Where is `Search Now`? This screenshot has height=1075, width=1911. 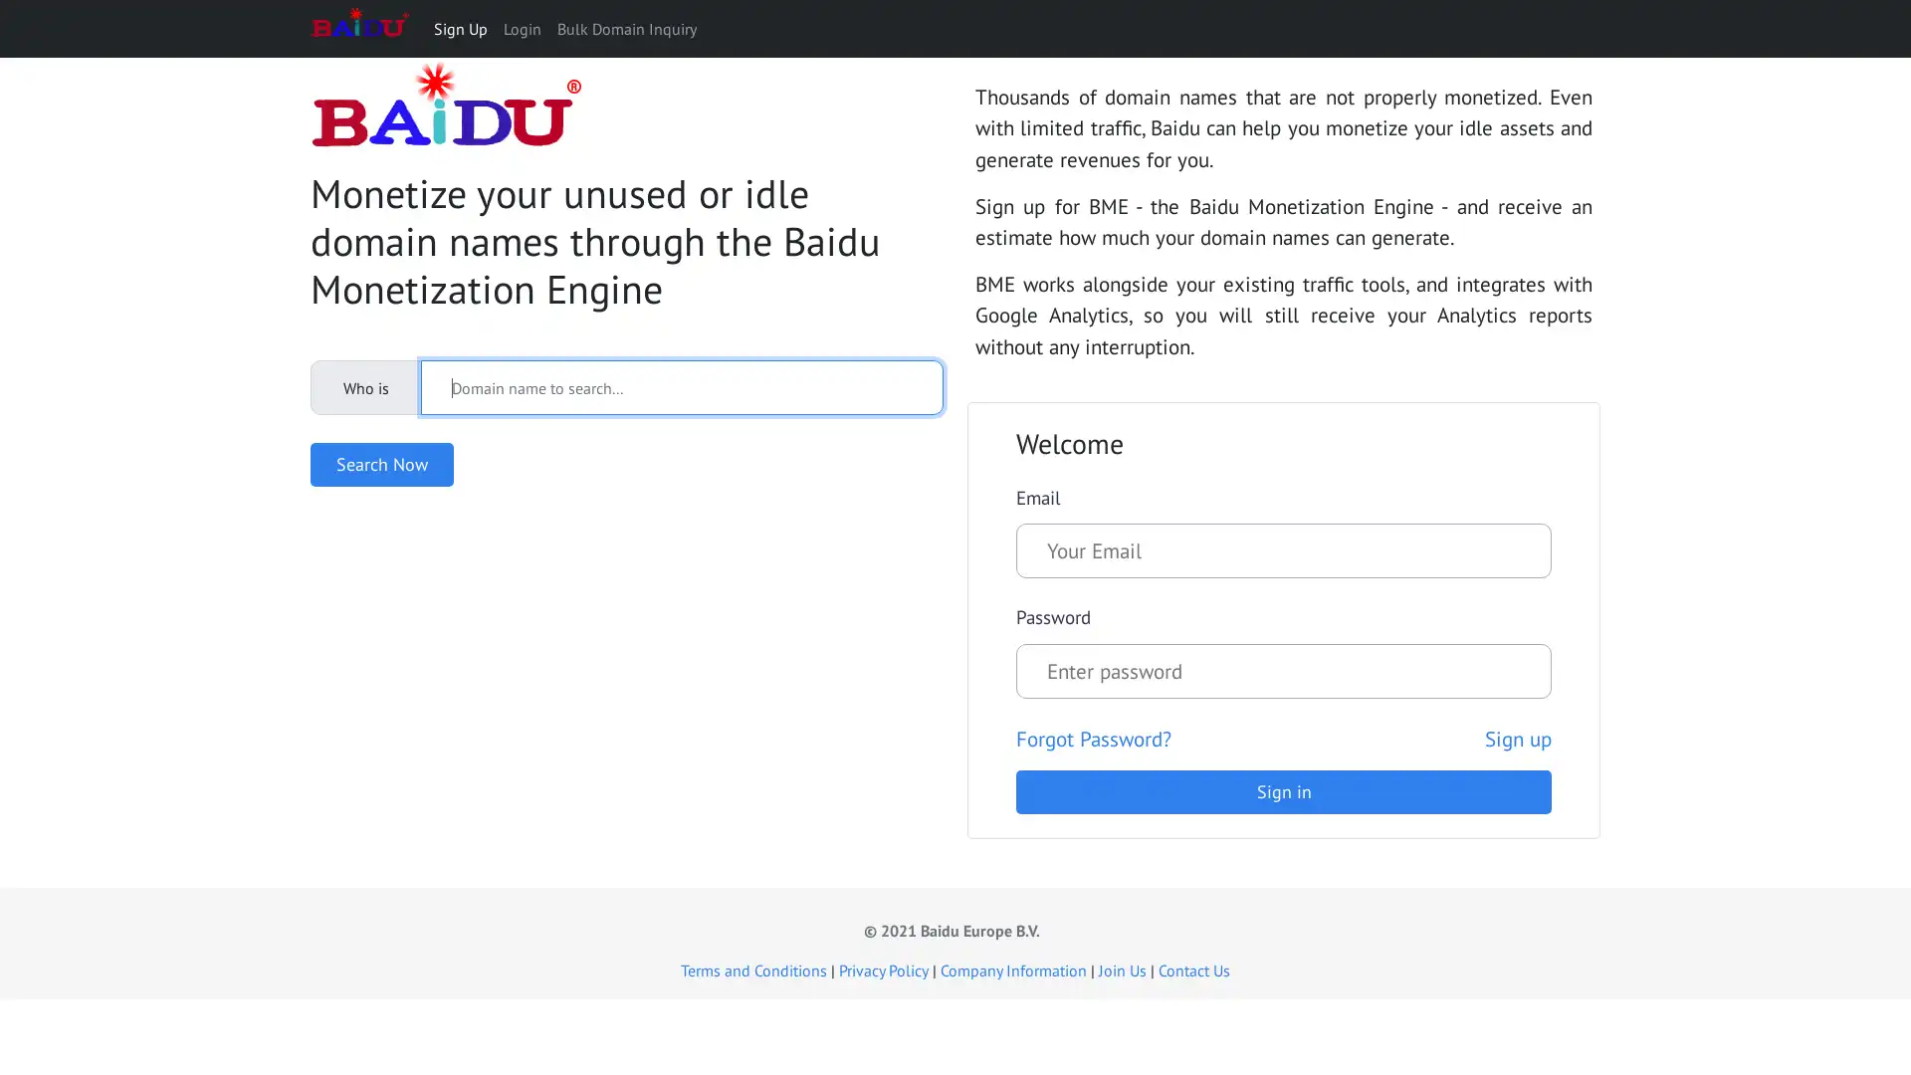
Search Now is located at coordinates (382, 464).